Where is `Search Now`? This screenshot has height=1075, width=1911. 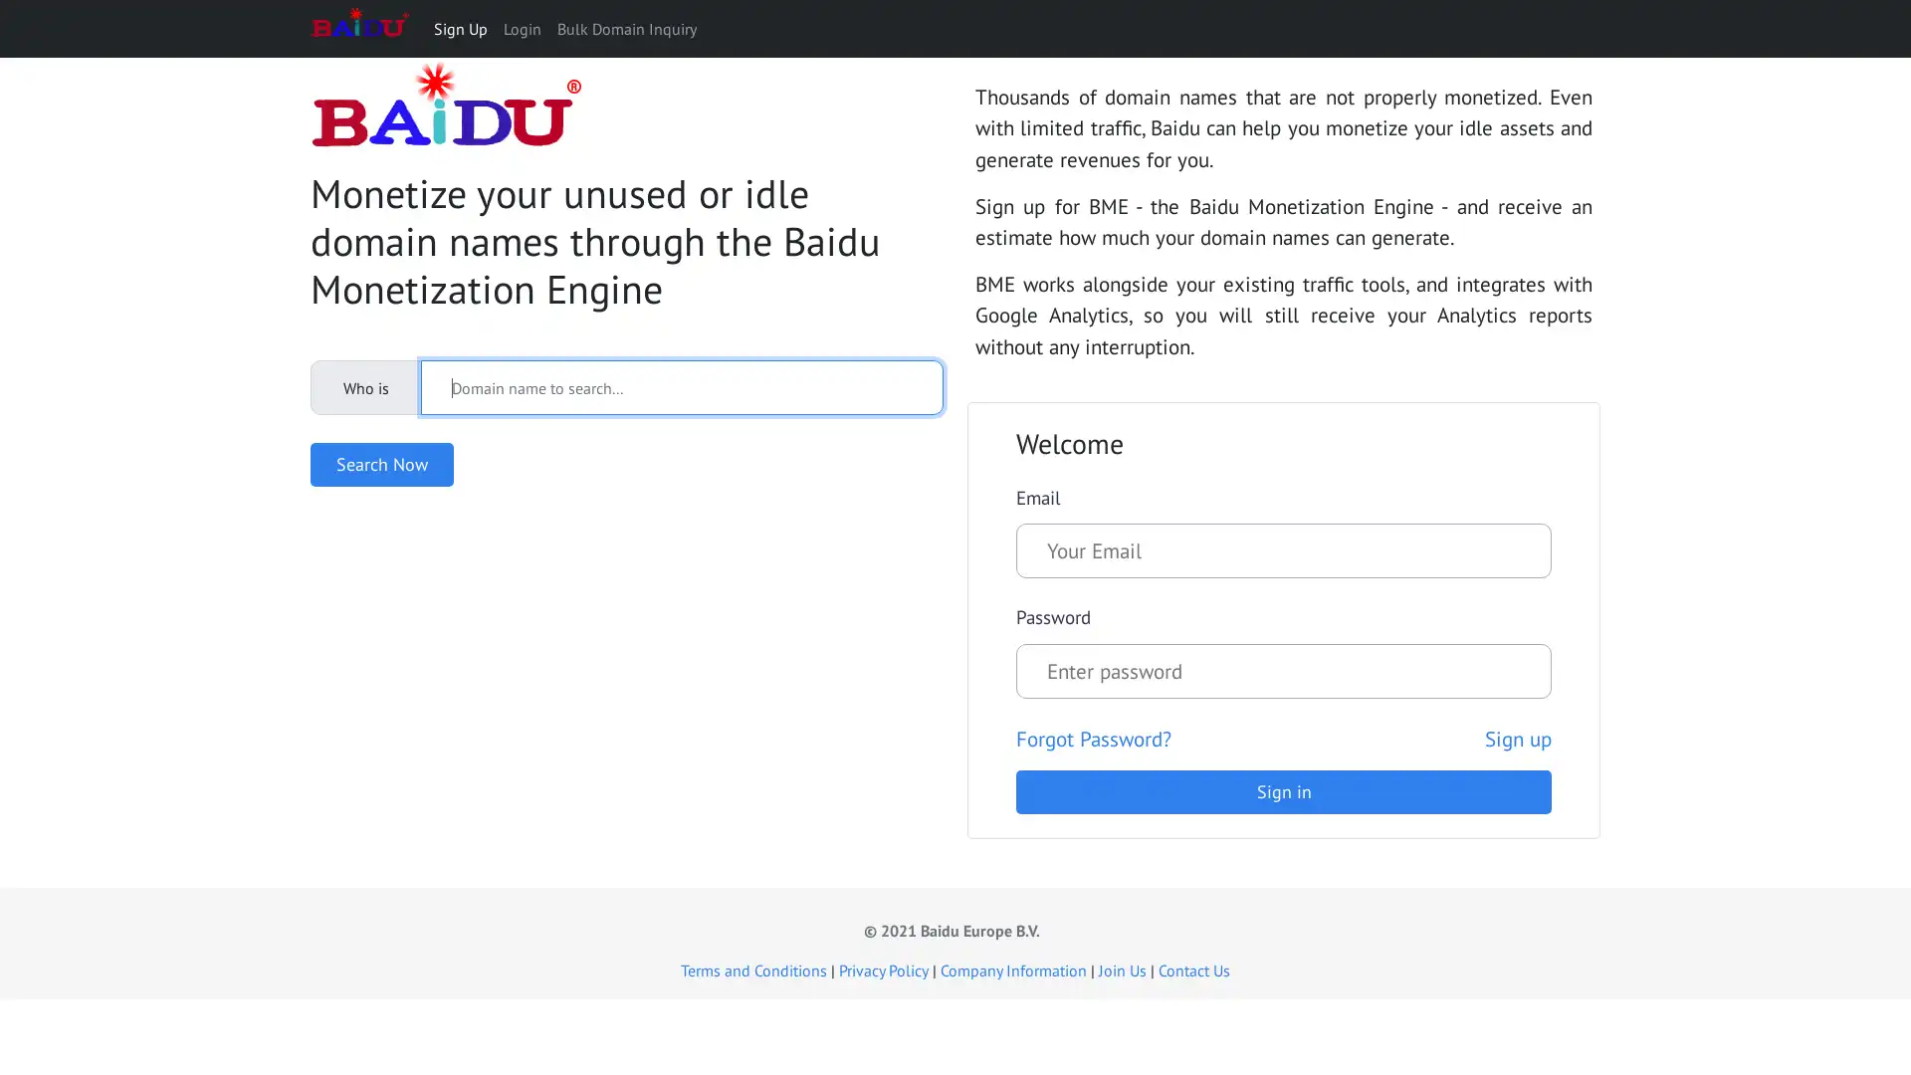
Search Now is located at coordinates (382, 464).